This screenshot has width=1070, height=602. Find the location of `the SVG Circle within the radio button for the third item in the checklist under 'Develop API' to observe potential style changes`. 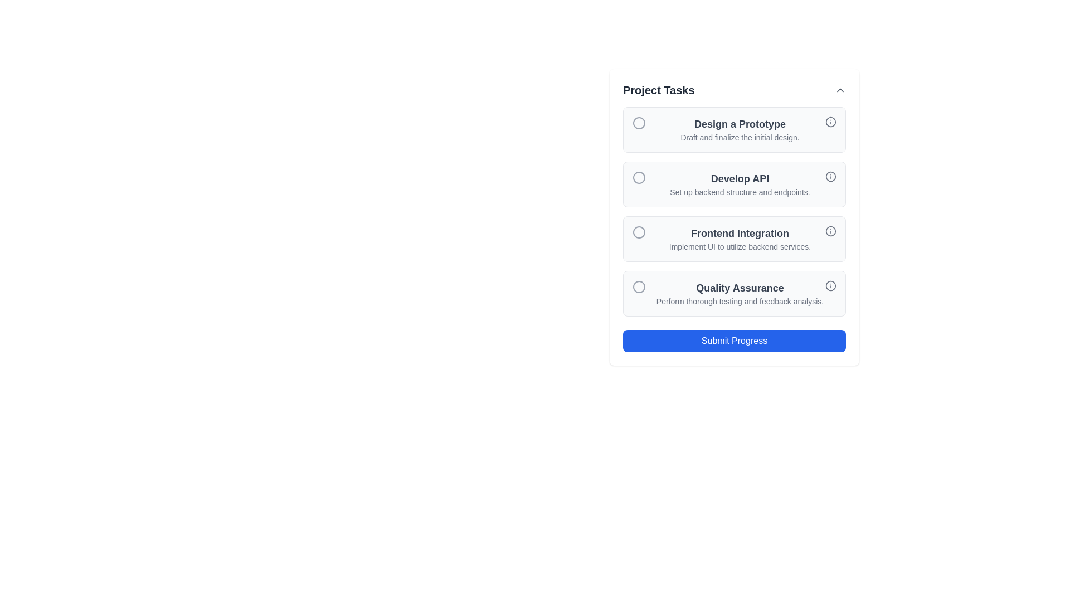

the SVG Circle within the radio button for the third item in the checklist under 'Develop API' to observe potential style changes is located at coordinates (639, 177).